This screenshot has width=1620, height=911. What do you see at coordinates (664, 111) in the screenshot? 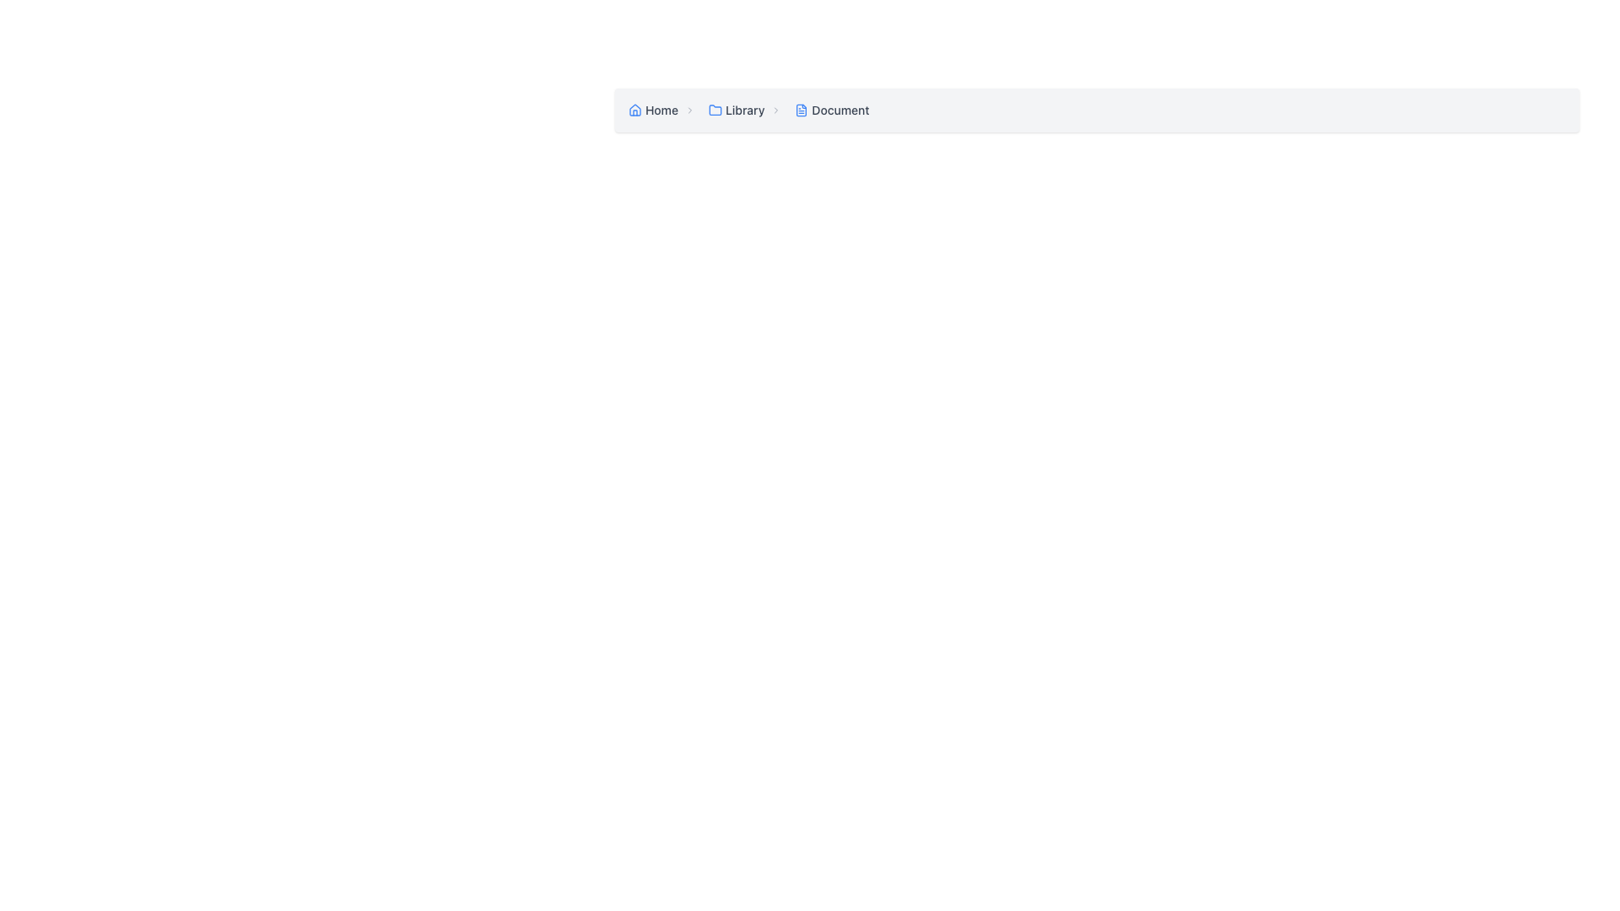
I see `the Breadcrumb Navigation Item labeled 'Home'` at bounding box center [664, 111].